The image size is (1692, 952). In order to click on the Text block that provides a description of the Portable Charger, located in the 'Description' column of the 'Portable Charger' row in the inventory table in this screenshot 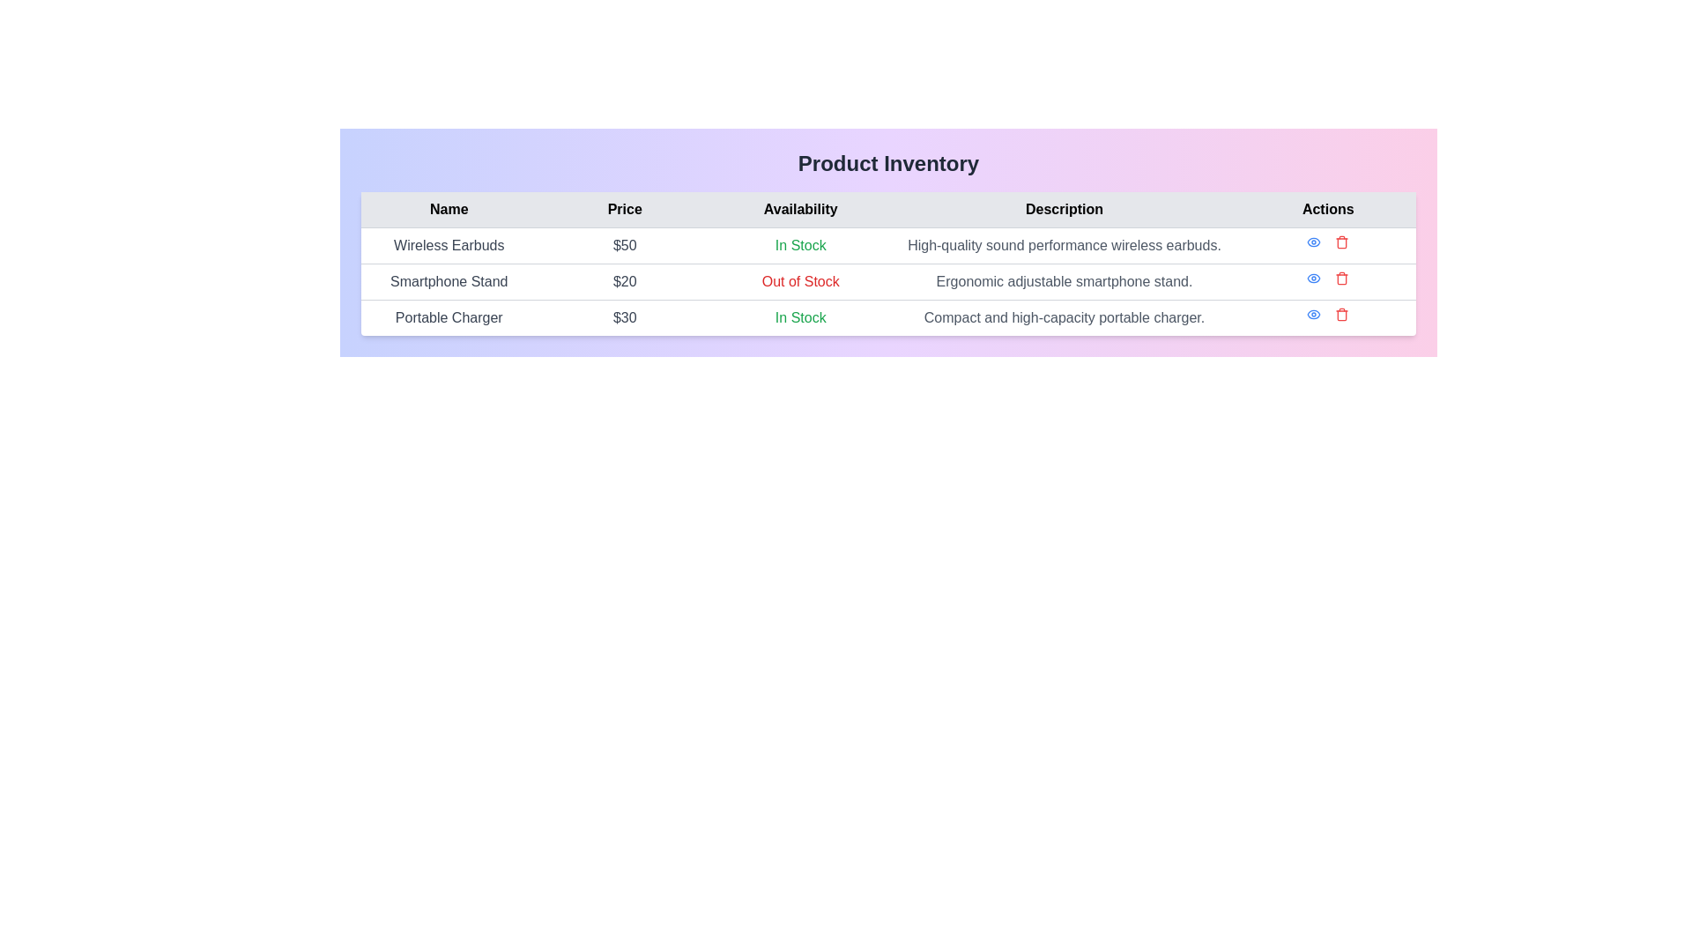, I will do `click(1064, 317)`.